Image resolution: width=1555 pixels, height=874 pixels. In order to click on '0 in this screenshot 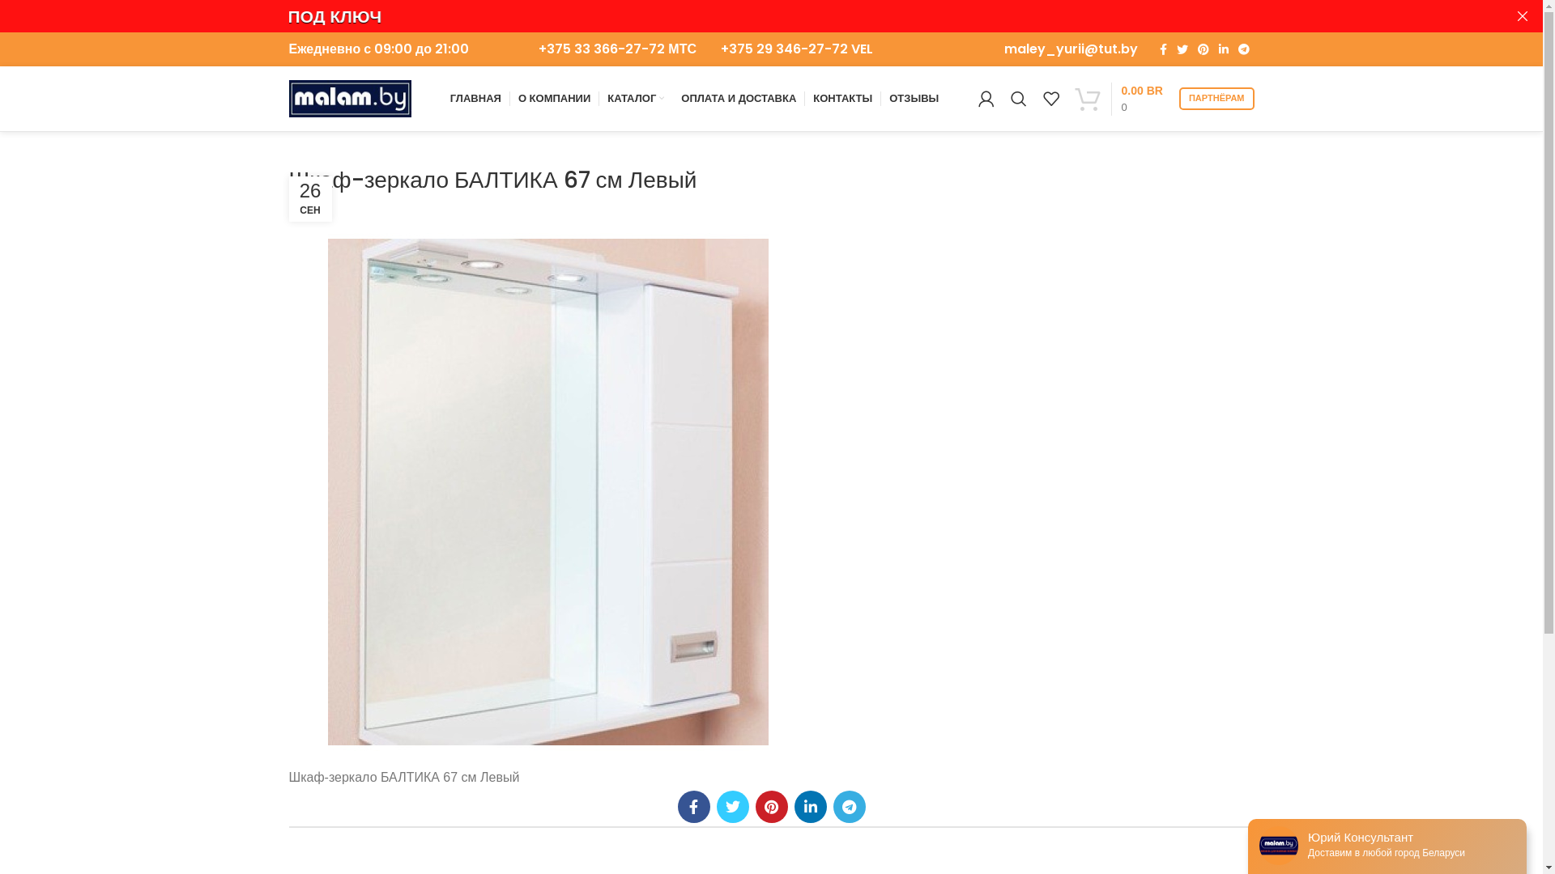, I will do `click(1067, 99)`.